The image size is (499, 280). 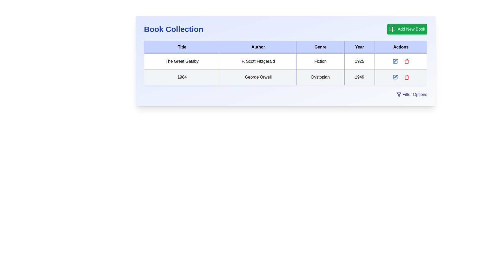 I want to click on the delete button for the book entry '1984' by George Orwell, which is the second icon in the 'Actions' column of the table, so click(x=406, y=77).